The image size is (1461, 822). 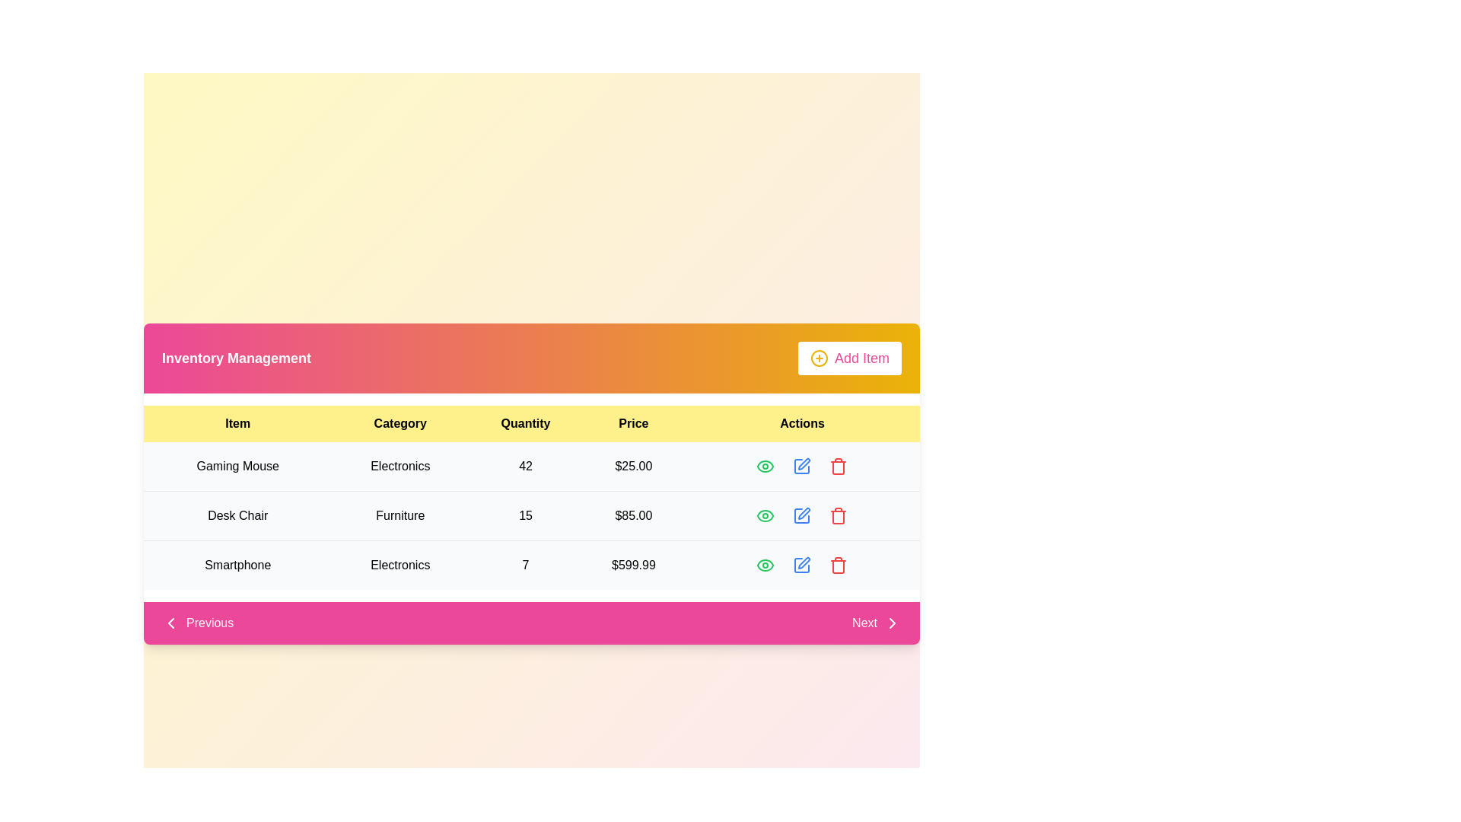 I want to click on the green eye-shaped icon in the 'Actions' column of the first row, so click(x=766, y=466).